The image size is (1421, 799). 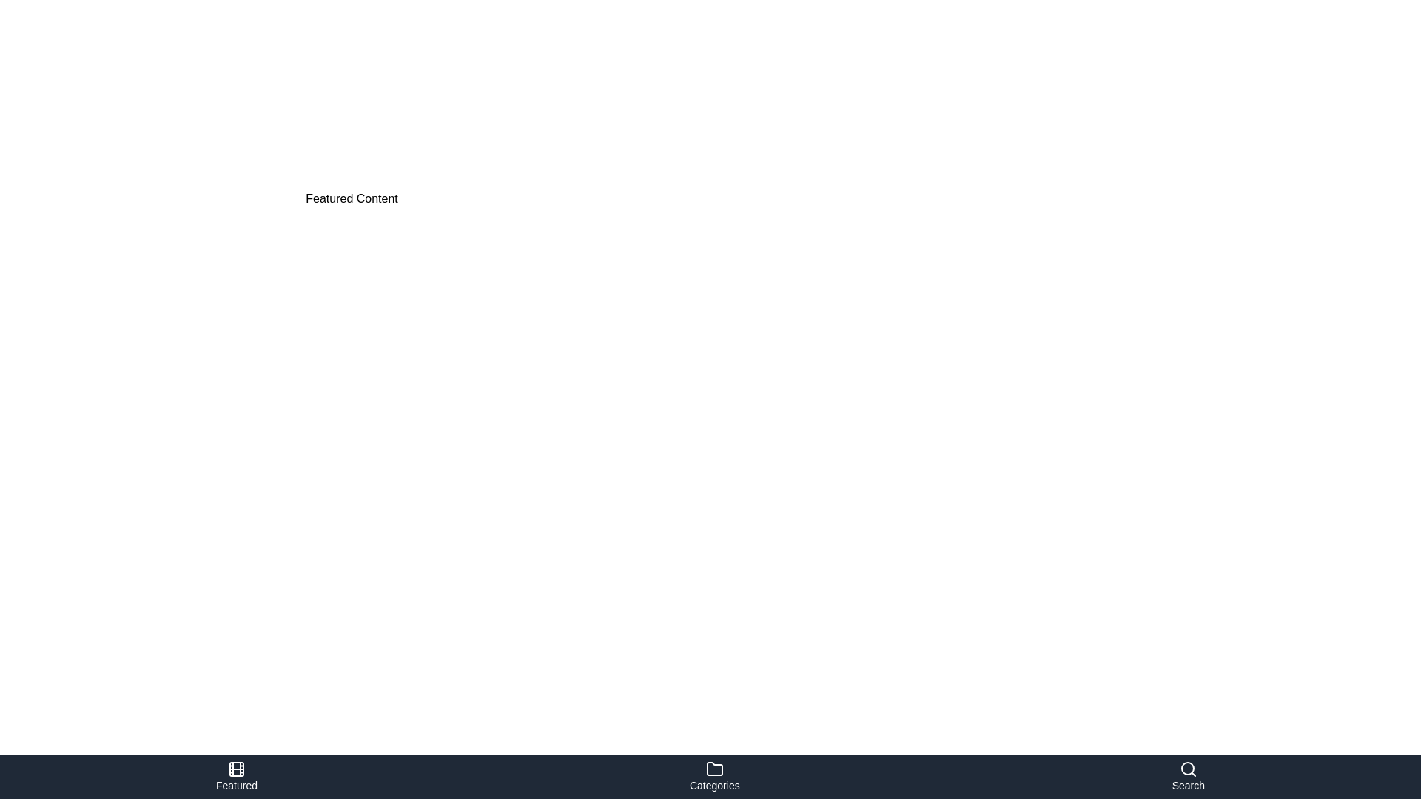 I want to click on the 'Categories' navigation button located at the center of the bottom navigation bar, so click(x=714, y=775).